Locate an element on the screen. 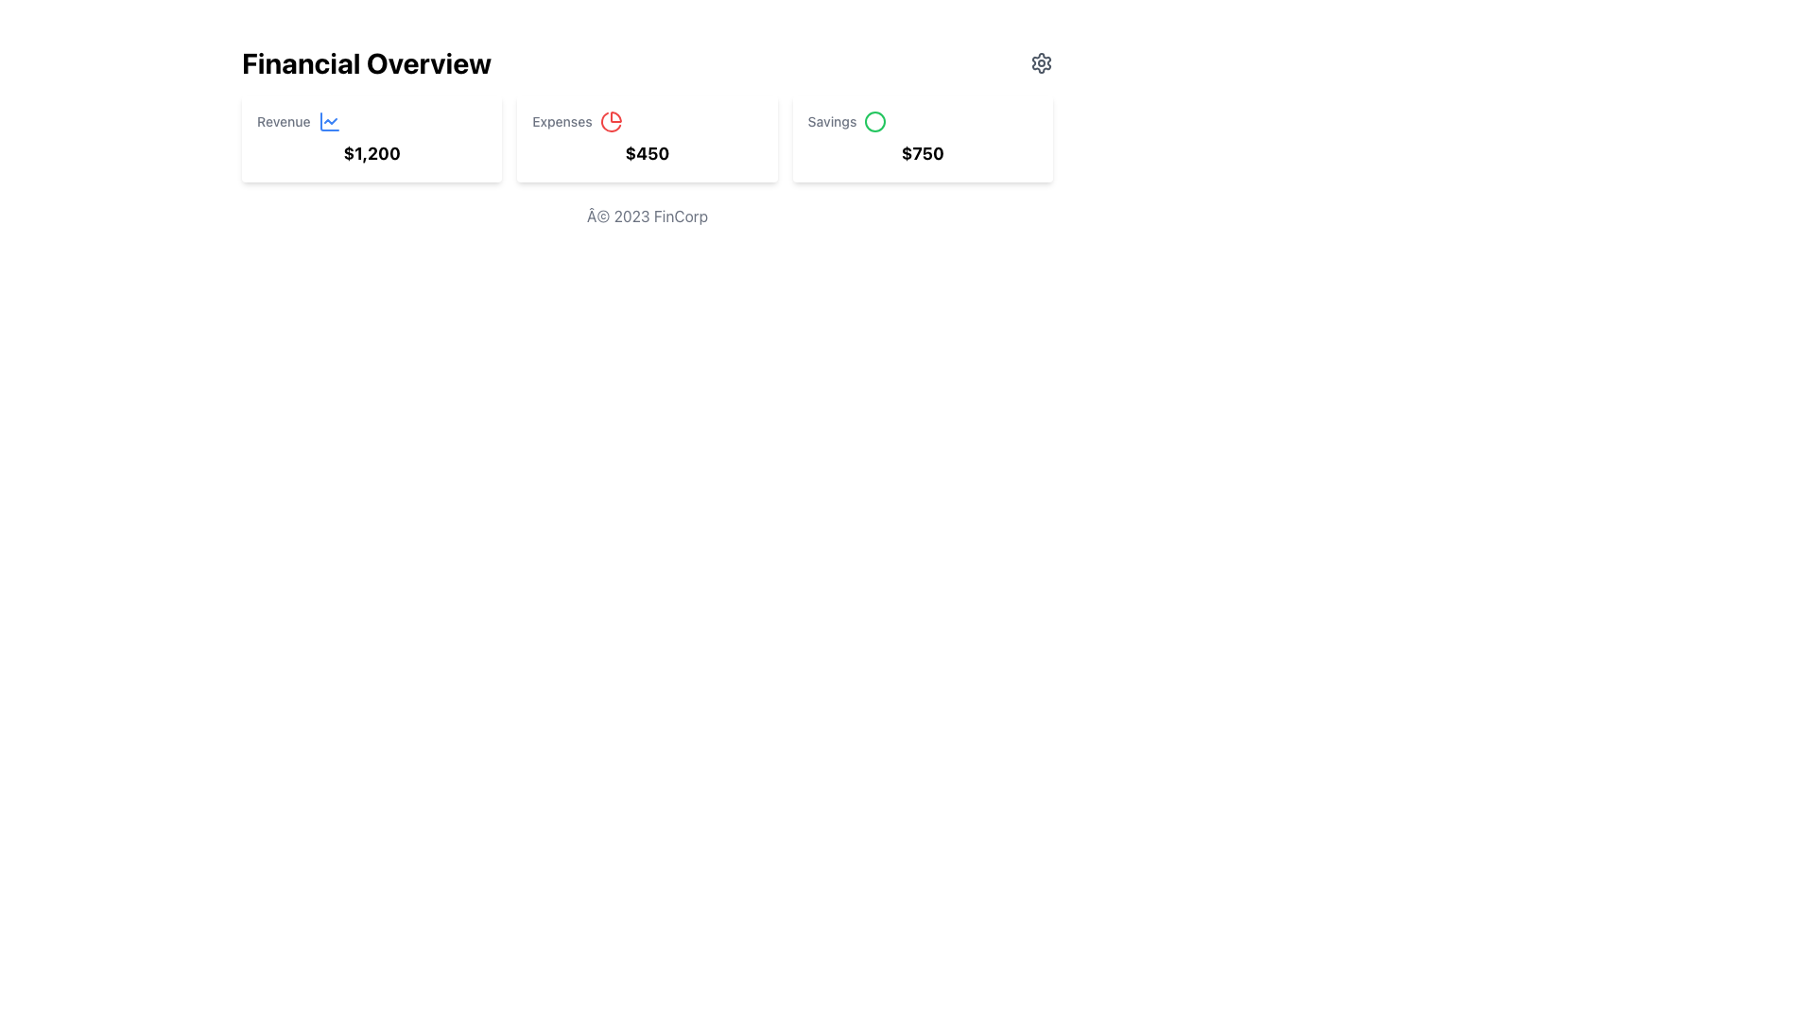 The height and width of the screenshot is (1021, 1815). the Informational Card that displays the savings amount, located as the third card in a row of financial overview cards is located at coordinates (923, 137).